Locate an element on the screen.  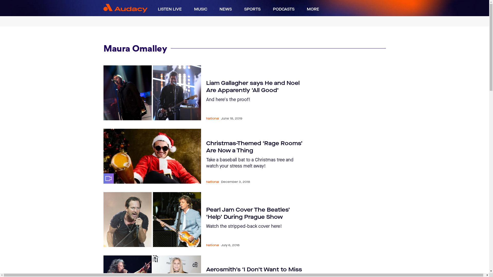
'SPORTS' is located at coordinates (252, 9).